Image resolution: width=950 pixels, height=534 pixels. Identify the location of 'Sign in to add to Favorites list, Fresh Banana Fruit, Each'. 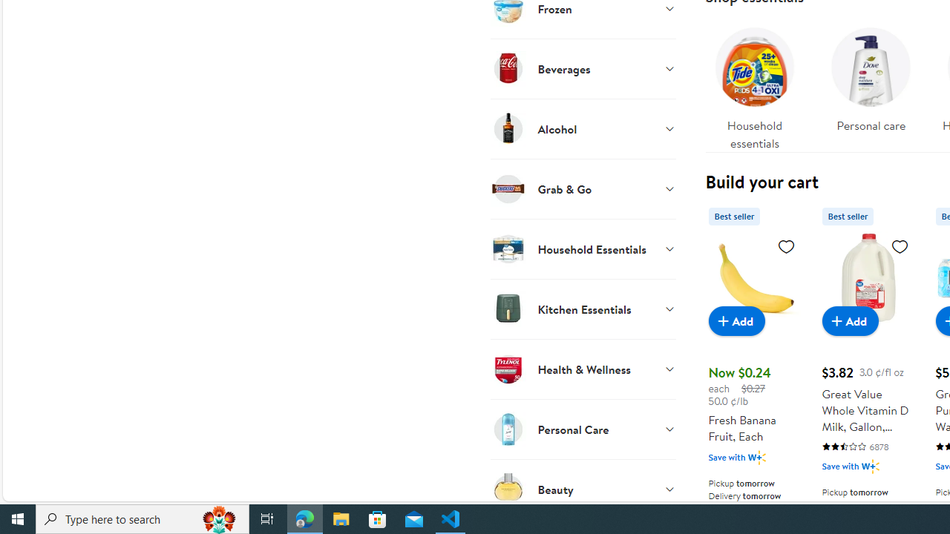
(785, 245).